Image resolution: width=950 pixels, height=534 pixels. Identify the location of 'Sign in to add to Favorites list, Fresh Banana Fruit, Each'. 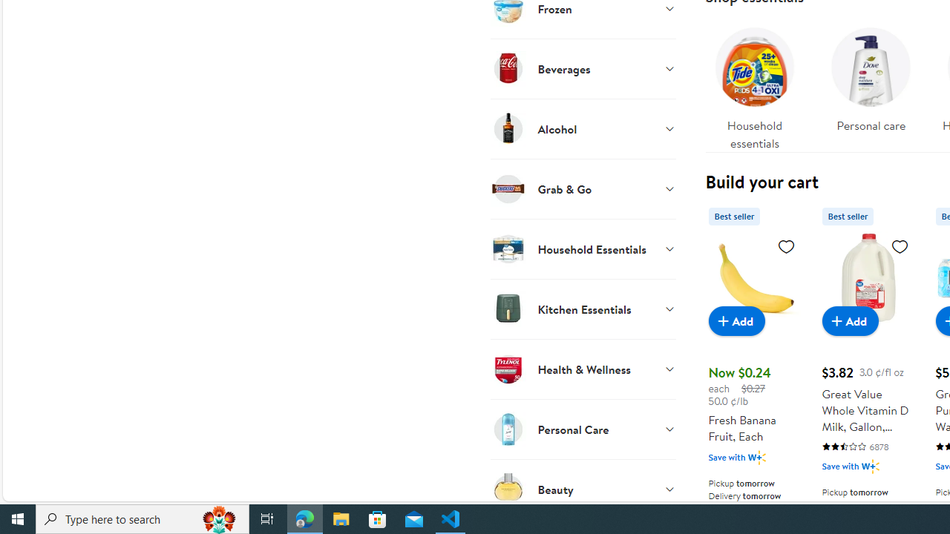
(785, 245).